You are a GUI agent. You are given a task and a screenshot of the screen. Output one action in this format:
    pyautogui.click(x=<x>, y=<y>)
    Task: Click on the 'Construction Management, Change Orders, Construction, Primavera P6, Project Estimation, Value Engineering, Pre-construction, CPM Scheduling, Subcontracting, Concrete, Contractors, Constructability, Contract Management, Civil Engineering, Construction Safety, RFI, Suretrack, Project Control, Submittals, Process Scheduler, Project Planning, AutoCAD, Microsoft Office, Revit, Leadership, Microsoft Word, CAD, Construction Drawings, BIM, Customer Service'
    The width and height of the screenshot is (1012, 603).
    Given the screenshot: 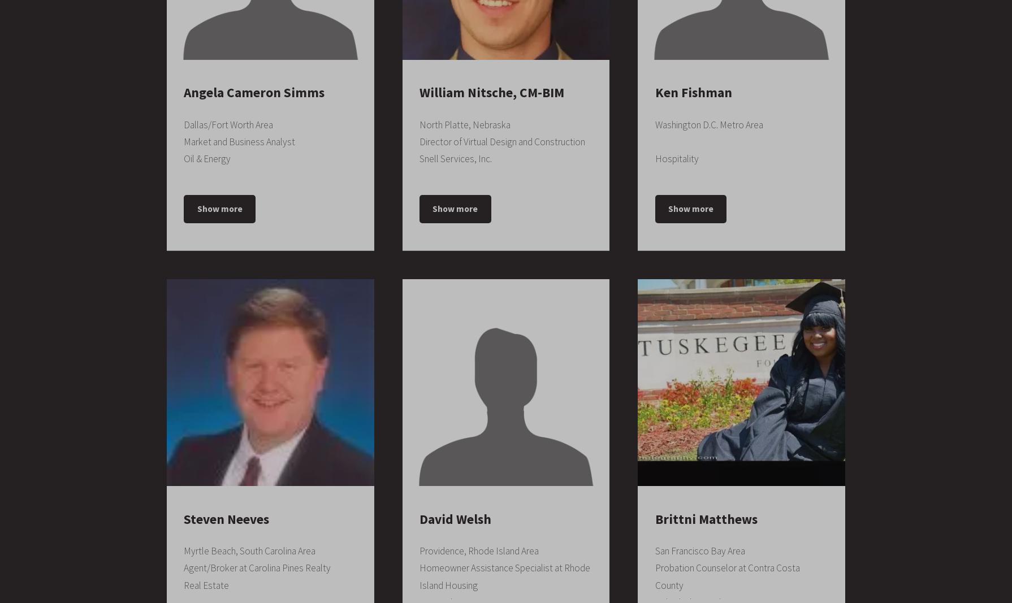 What is the action you would take?
    pyautogui.click(x=502, y=329)
    